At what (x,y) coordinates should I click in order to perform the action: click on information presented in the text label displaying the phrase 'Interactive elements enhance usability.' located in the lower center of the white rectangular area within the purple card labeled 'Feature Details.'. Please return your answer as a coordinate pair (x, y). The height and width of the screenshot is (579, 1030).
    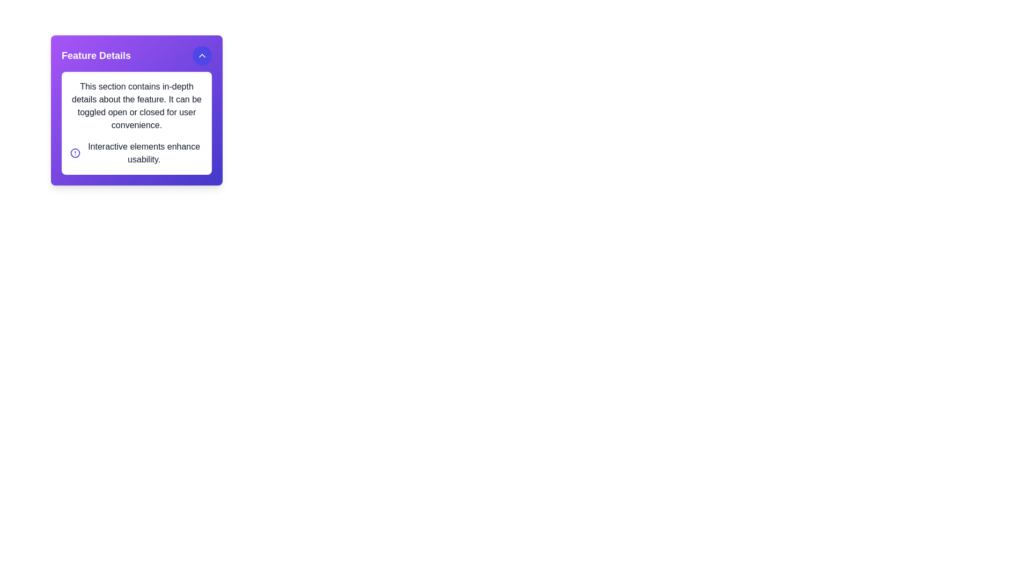
    Looking at the image, I should click on (143, 153).